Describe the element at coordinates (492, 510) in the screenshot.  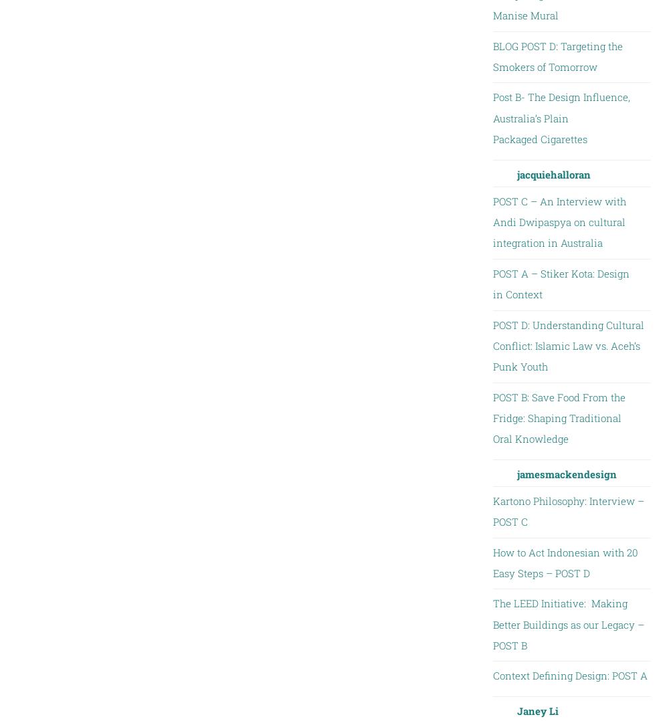
I see `'Kartono Philosophy: Interview – POST C'` at that location.